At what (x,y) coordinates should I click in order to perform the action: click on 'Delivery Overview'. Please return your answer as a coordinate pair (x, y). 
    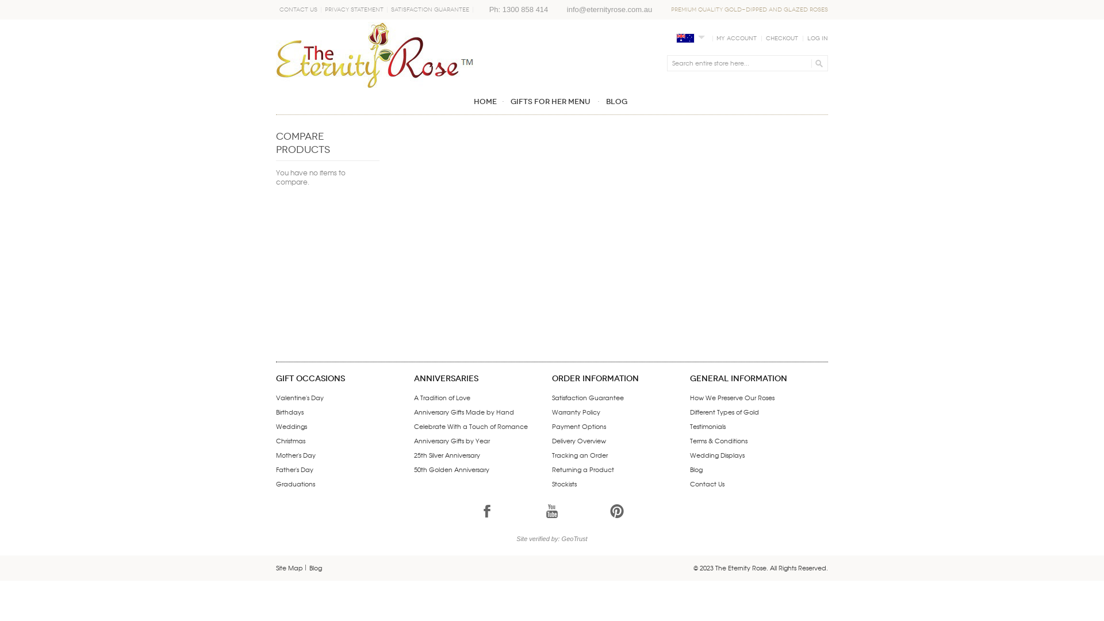
    Looking at the image, I should click on (579, 440).